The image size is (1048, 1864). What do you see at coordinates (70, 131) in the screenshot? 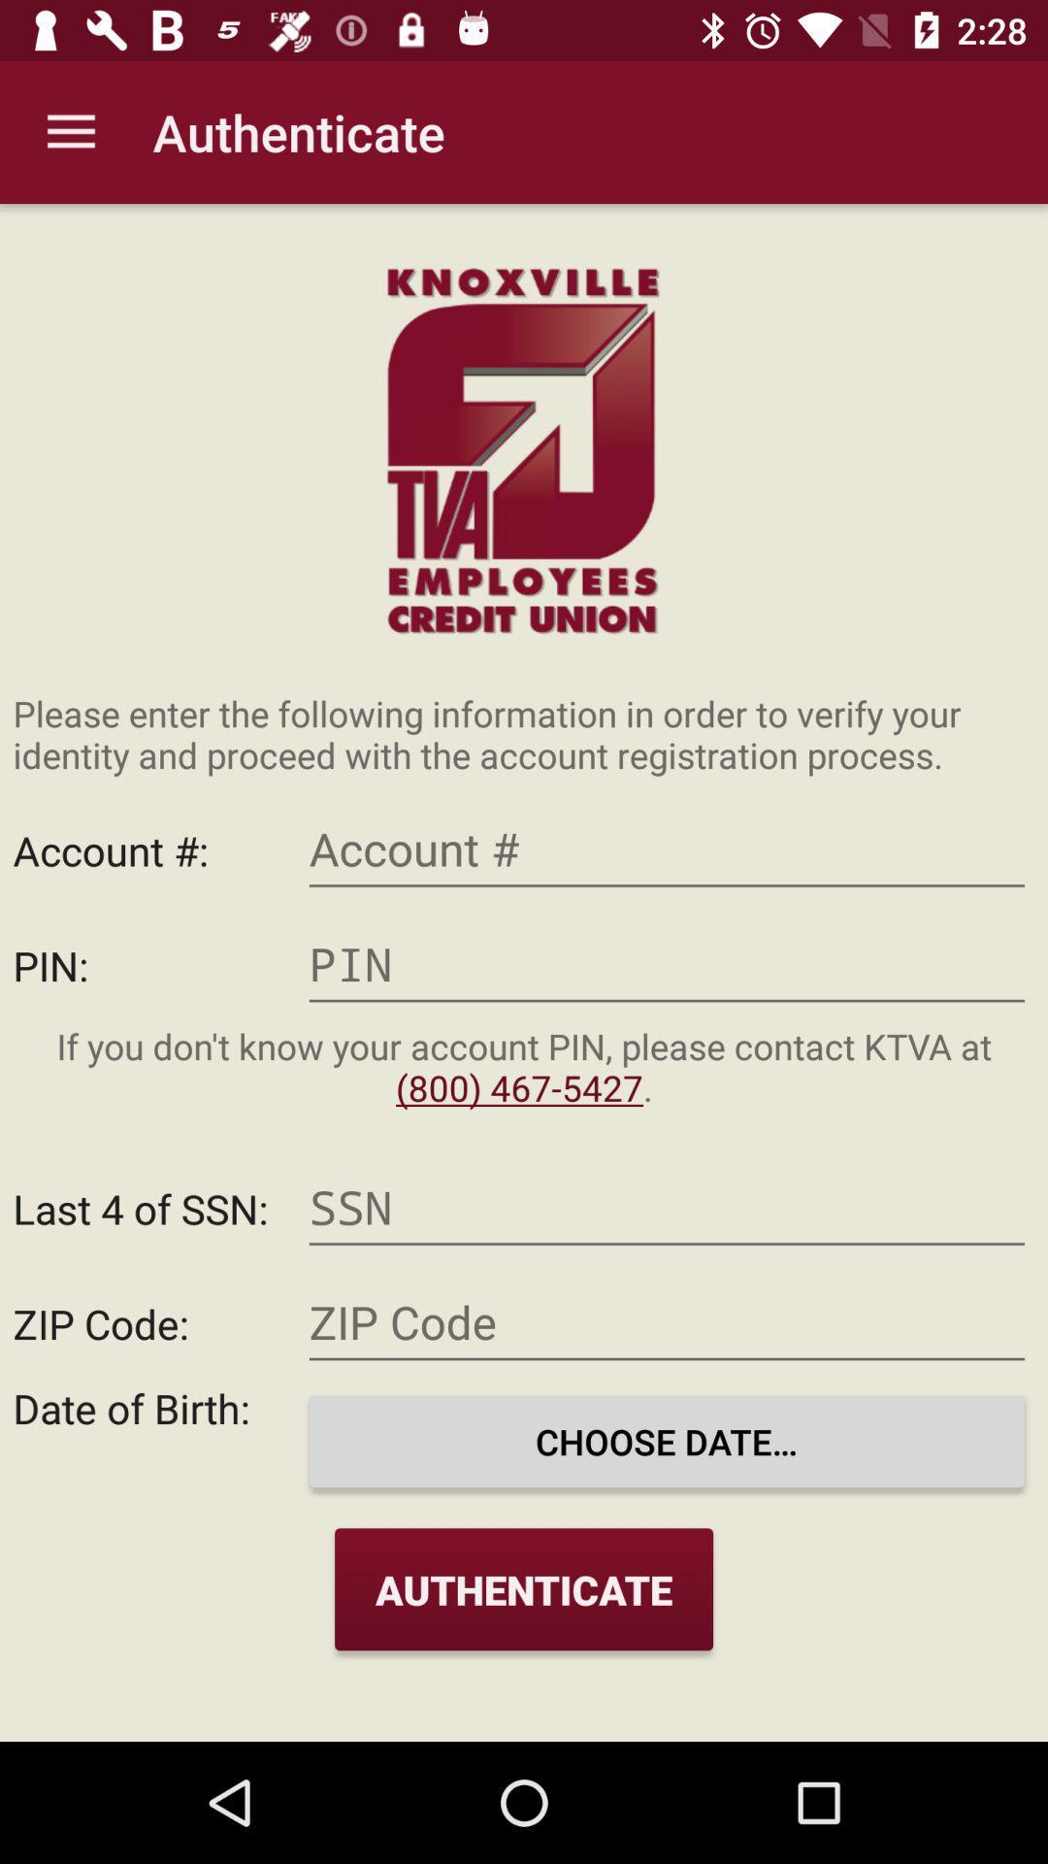
I see `item to the left of authenticate app` at bounding box center [70, 131].